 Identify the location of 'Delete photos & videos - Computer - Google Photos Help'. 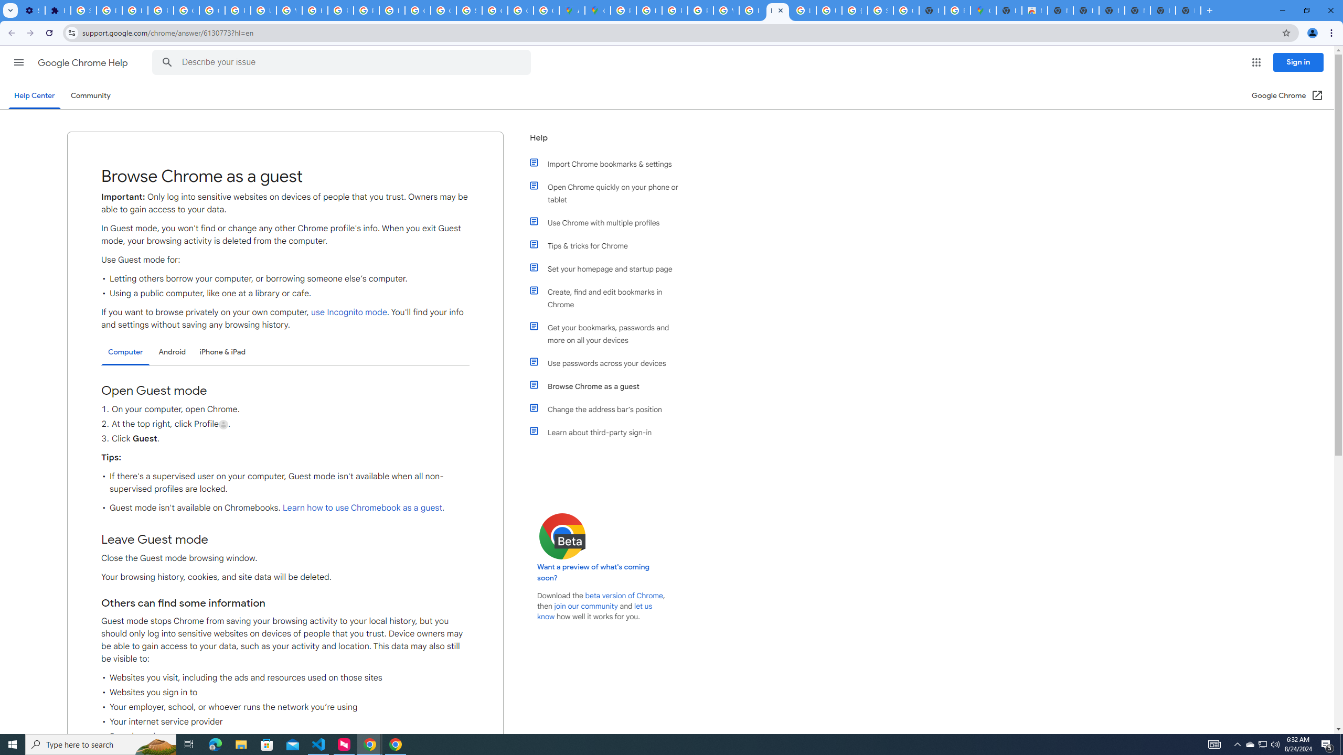
(109, 10).